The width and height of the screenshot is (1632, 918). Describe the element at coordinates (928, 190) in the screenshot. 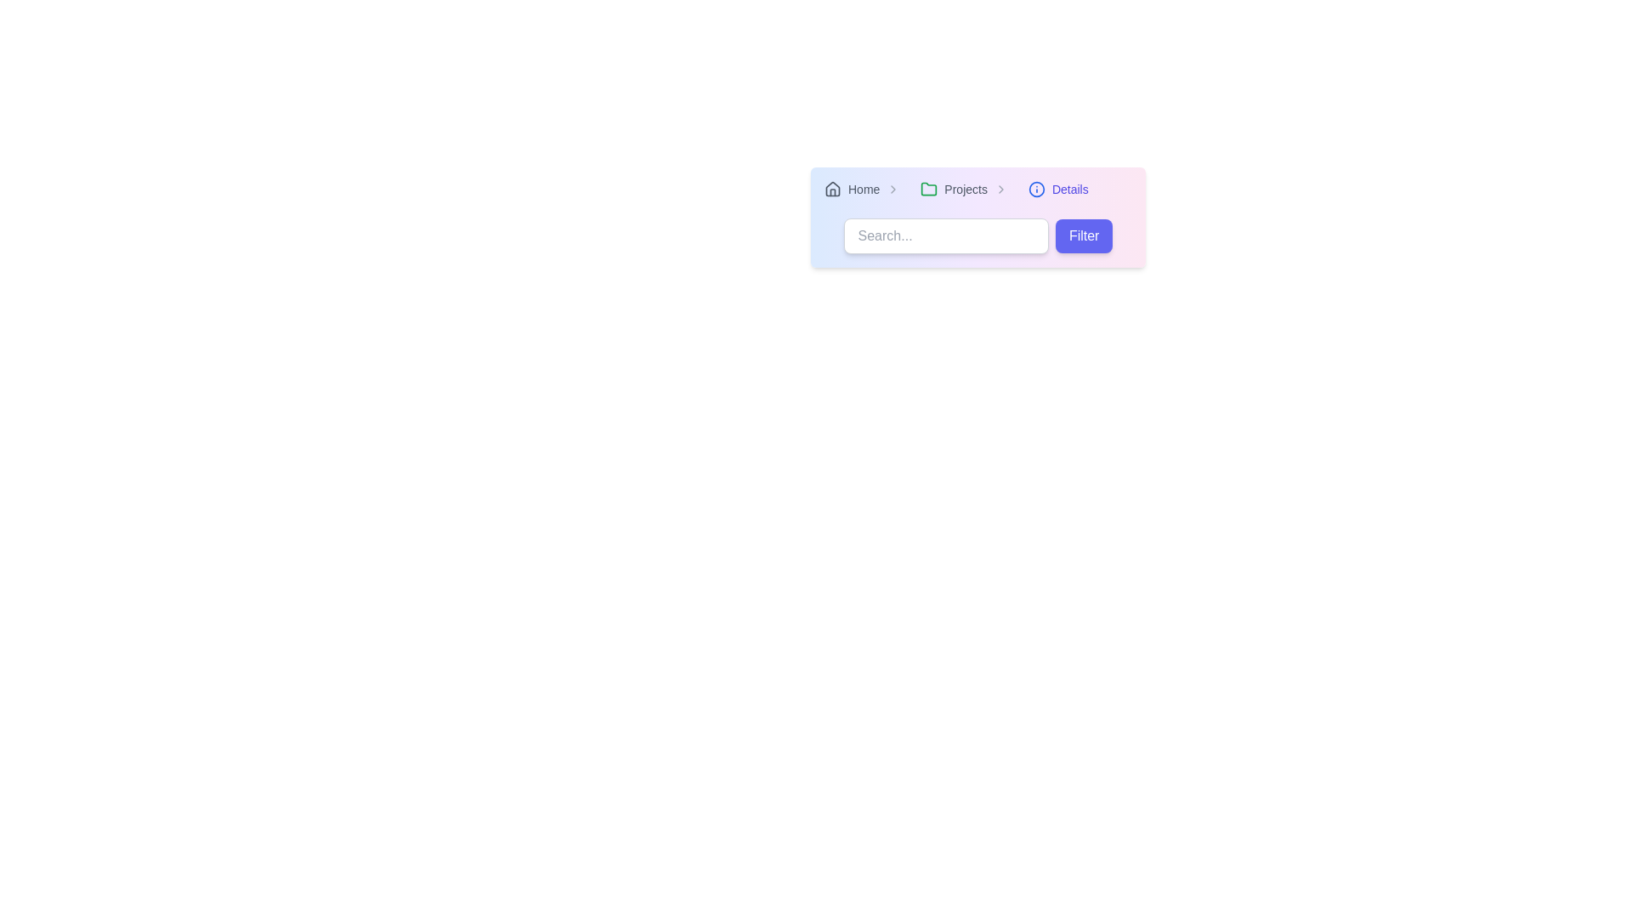

I see `the folder icon with a green outline located to the left of the 'Projects' text label in the breadcrumb navigation bar` at that location.